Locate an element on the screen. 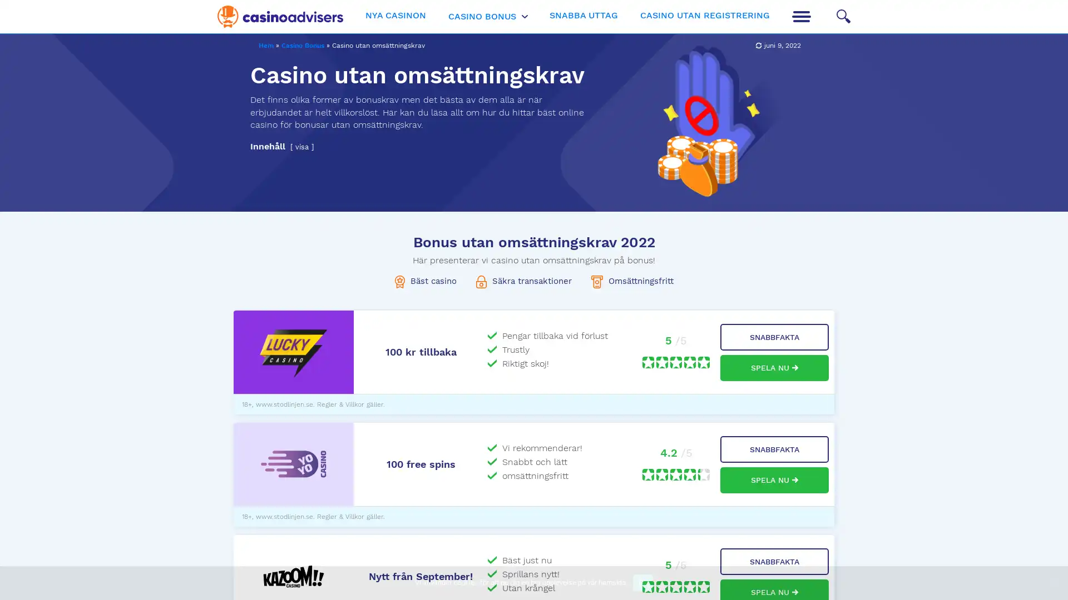 This screenshot has height=600, width=1068. SNABBFAKTA is located at coordinates (773, 449).